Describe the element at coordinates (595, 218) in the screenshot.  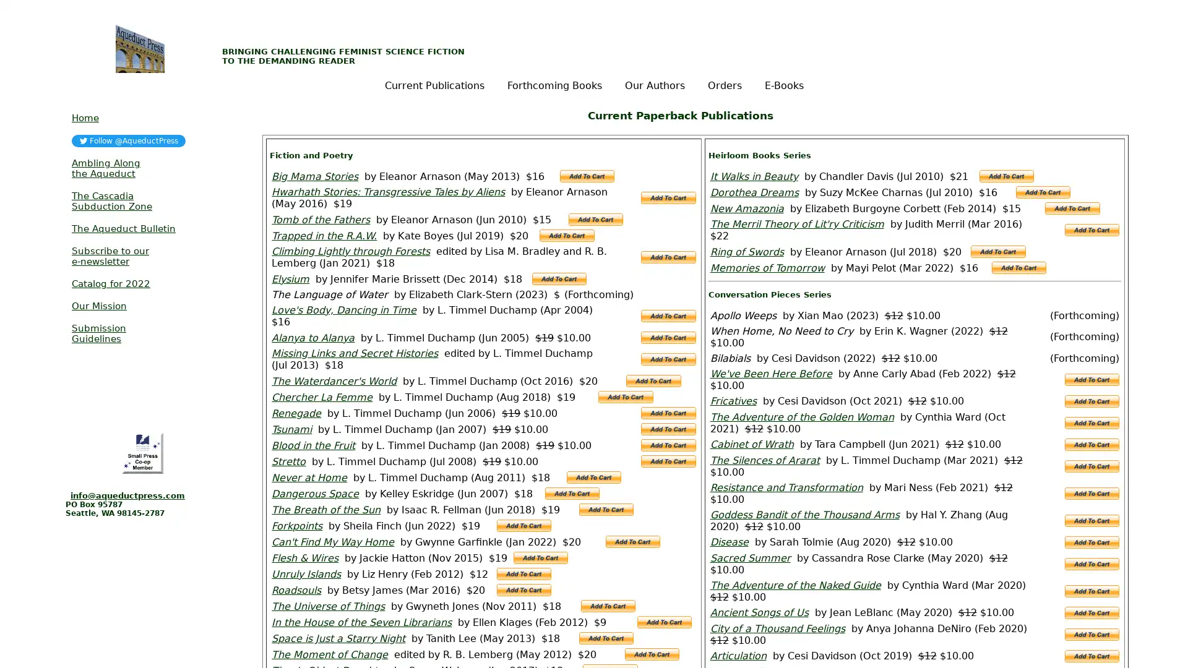
I see `Make payments with PayPal - it\'s fast, free and secure!` at that location.